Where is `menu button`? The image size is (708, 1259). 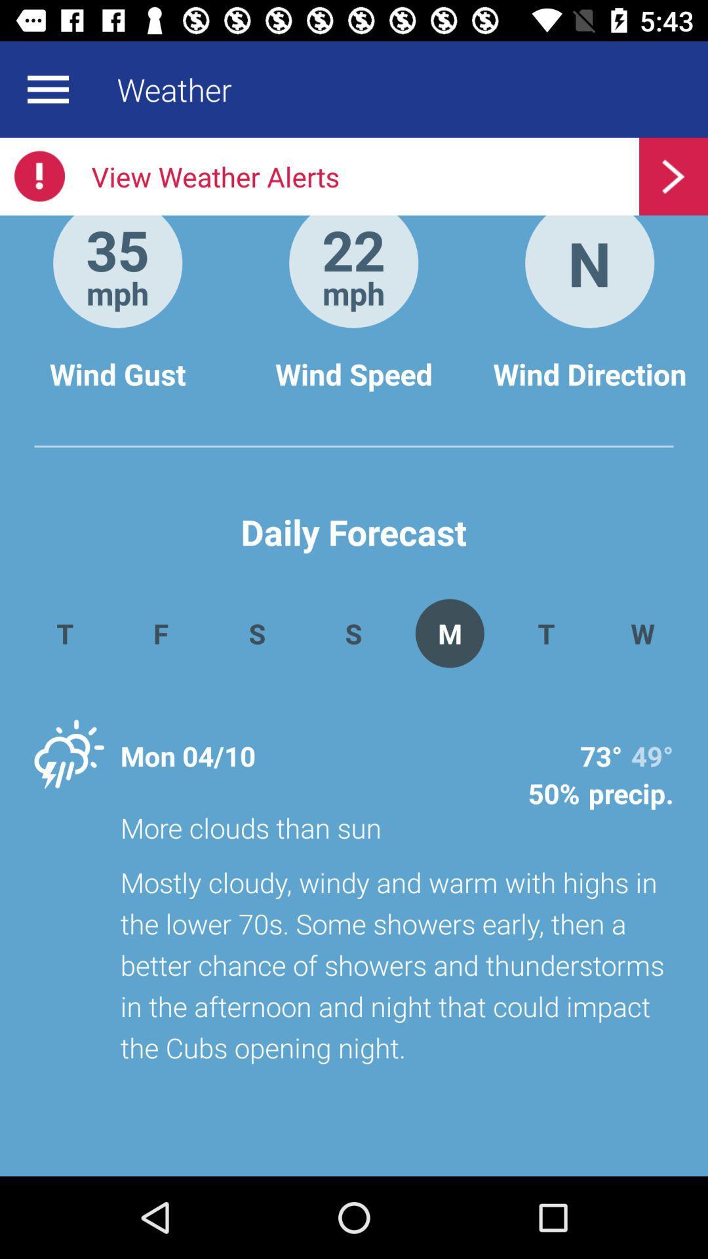
menu button is located at coordinates (47, 89).